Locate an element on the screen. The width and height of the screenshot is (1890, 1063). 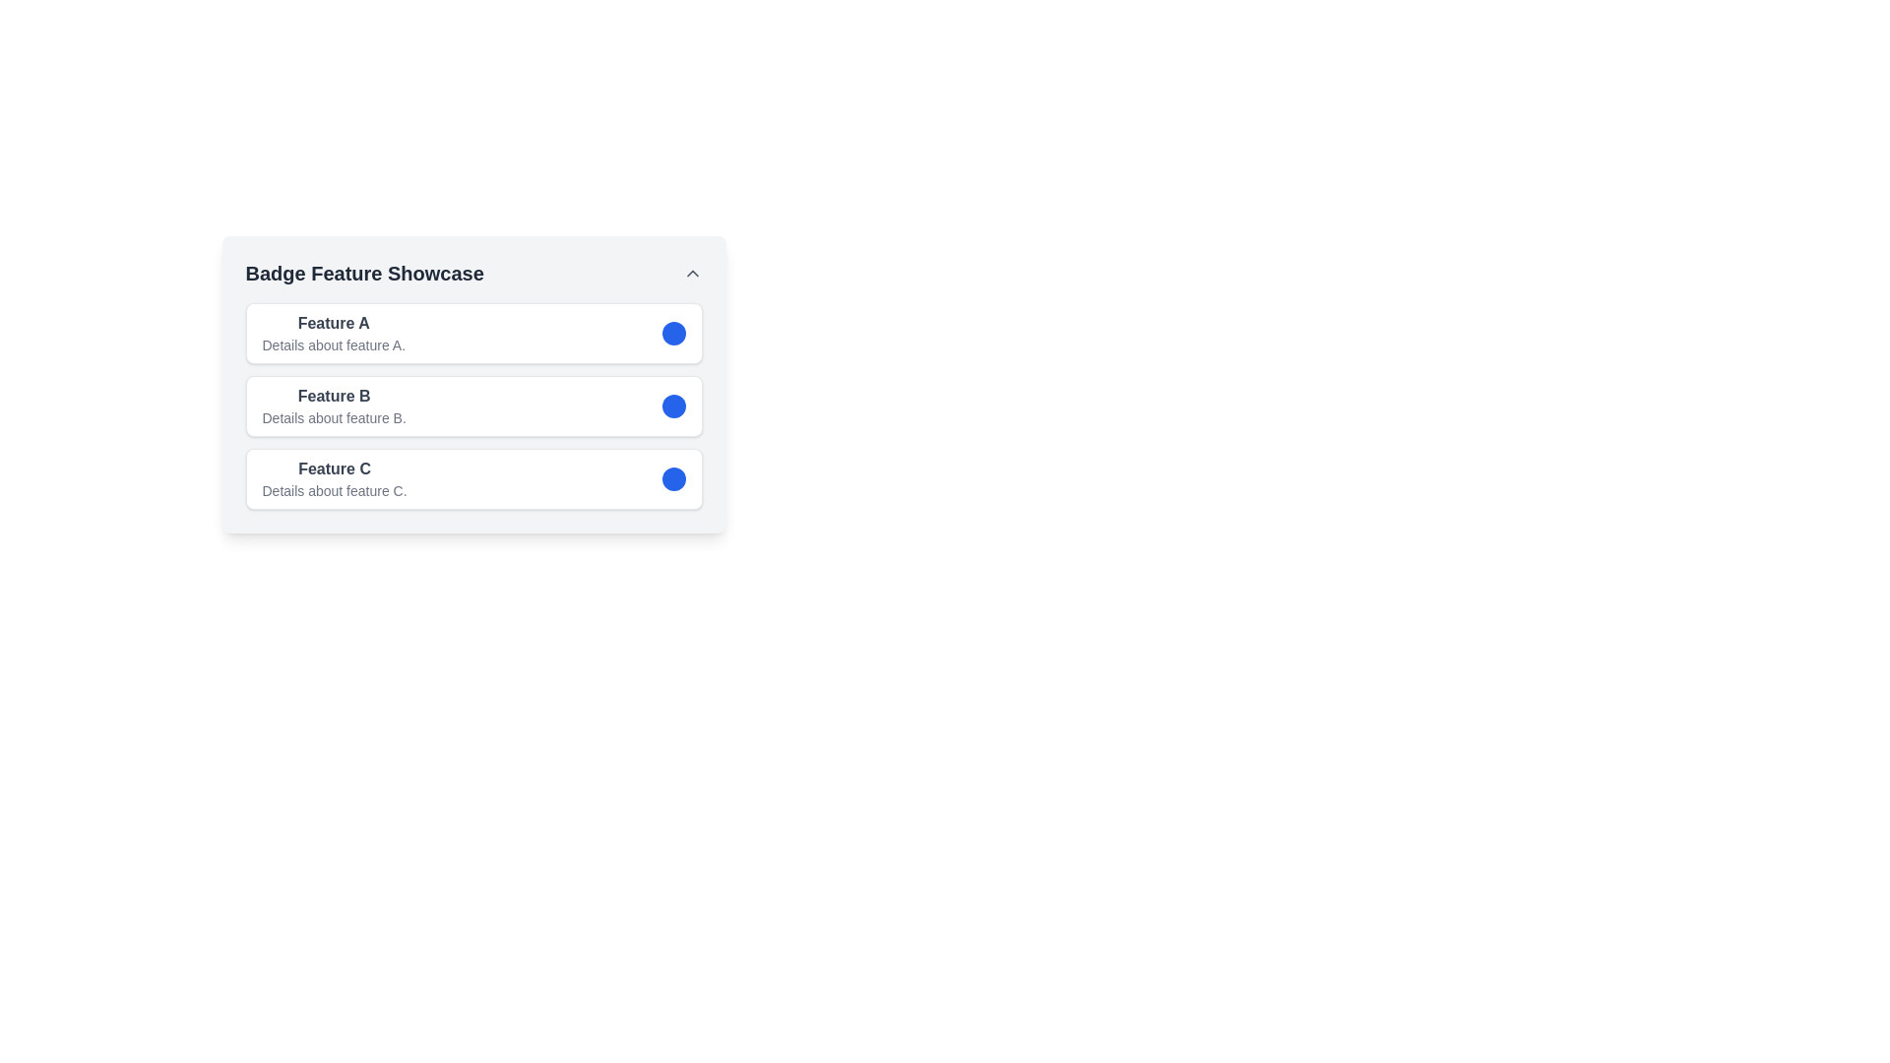
the title text component that serves as a heading for the feature details, located above the description text 'Details about feature C.' is located at coordinates (335, 469).